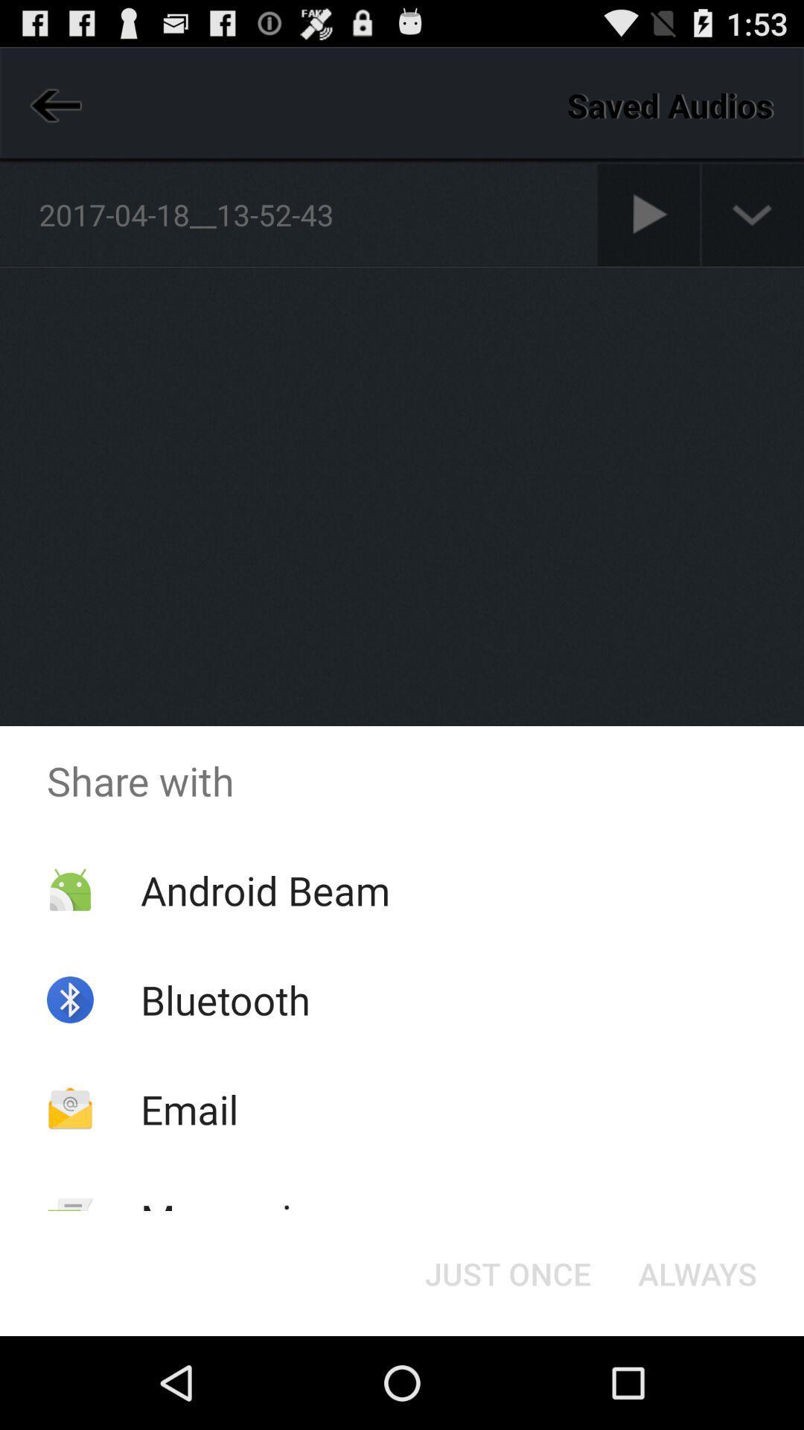  I want to click on the button at the bottom, so click(507, 1272).